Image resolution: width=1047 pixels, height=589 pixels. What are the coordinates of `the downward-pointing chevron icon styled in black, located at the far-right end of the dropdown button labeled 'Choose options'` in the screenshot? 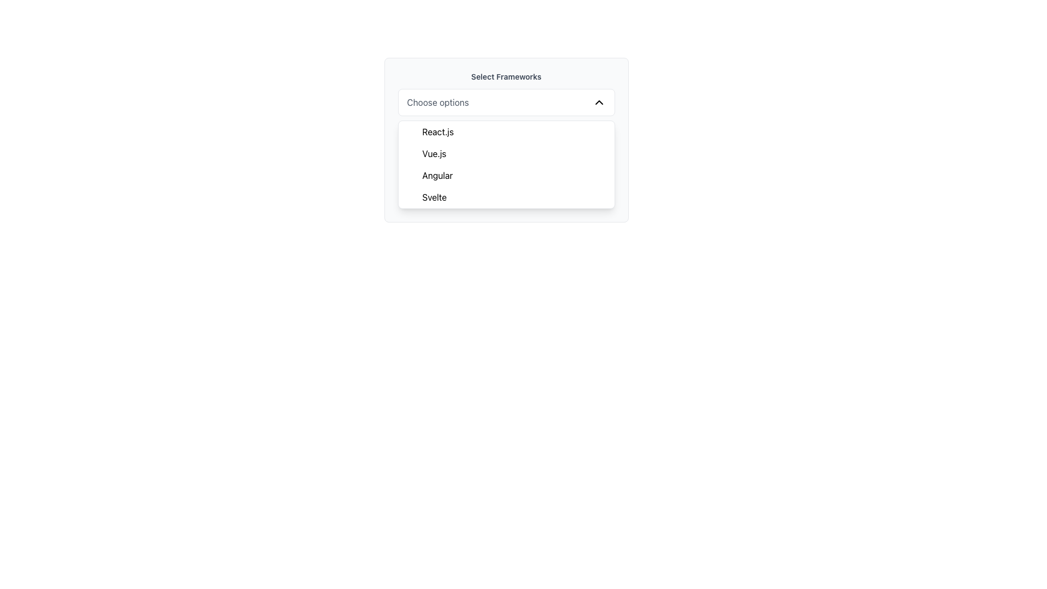 It's located at (598, 103).